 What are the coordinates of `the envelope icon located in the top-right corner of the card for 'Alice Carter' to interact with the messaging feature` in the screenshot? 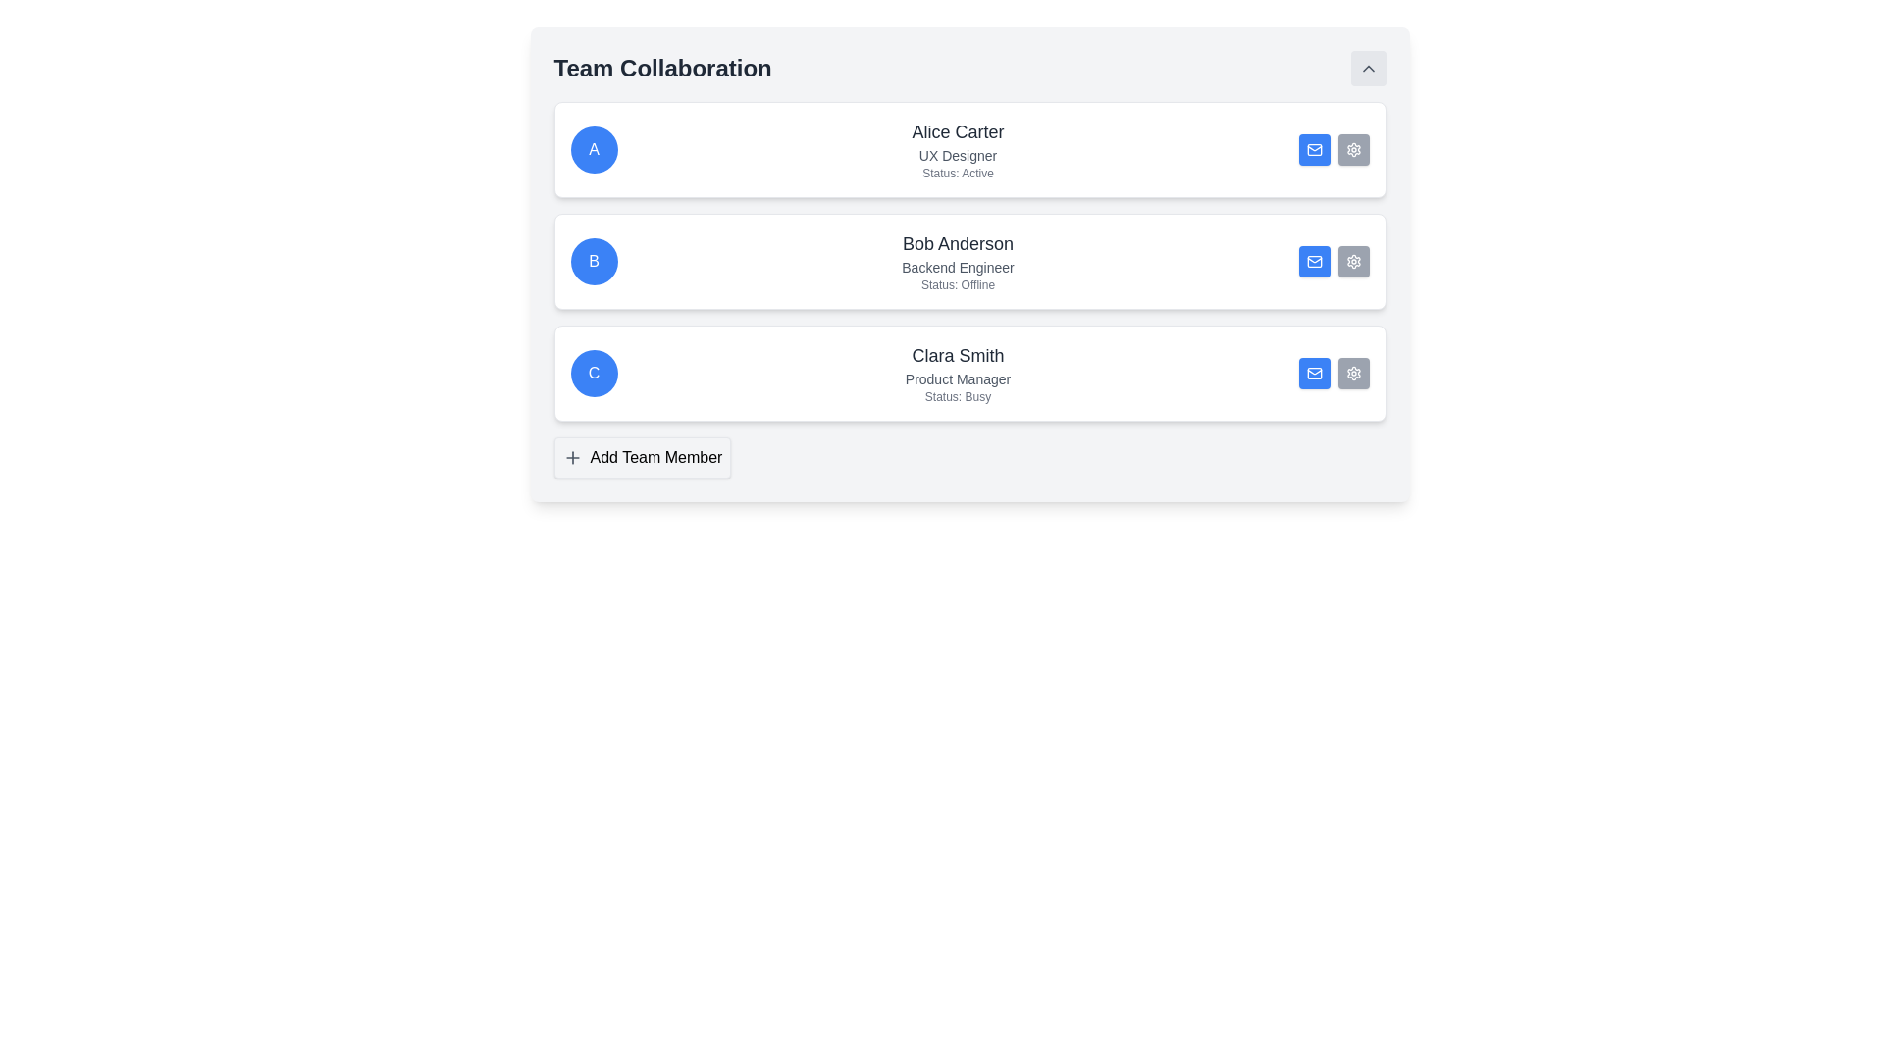 It's located at (1314, 149).